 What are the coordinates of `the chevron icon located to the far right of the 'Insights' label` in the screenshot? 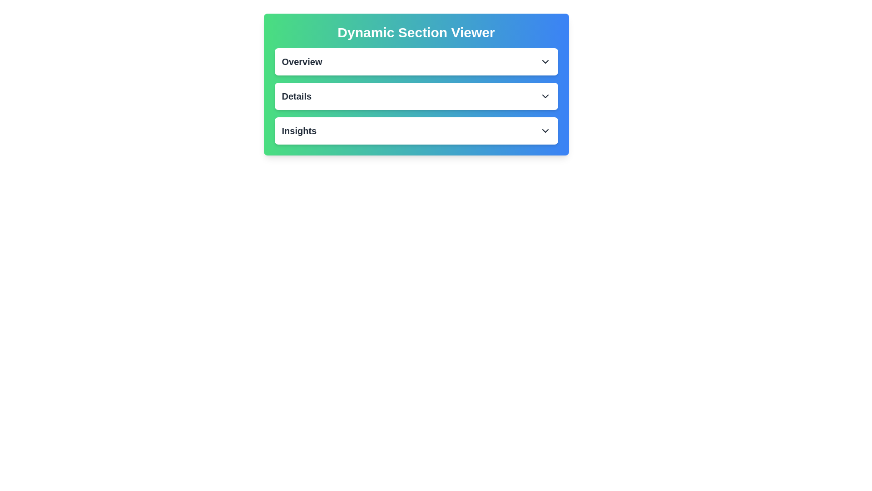 It's located at (545, 131).